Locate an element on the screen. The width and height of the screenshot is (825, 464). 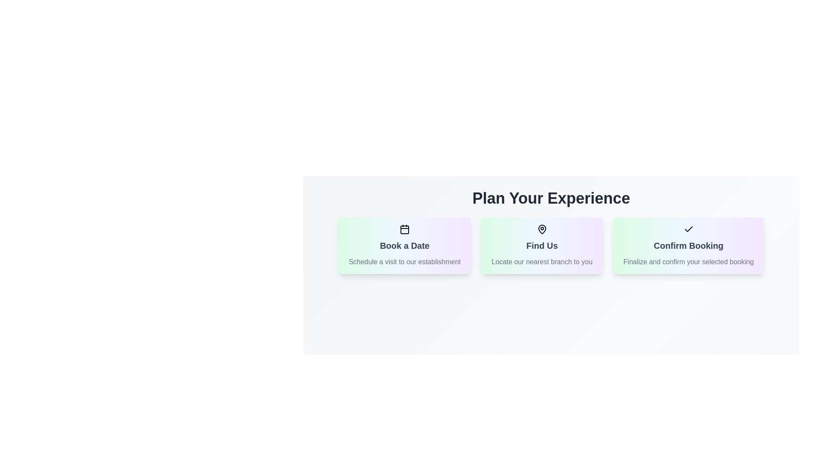
the button located in the center panel between the 'Book a Date' button and the 'Confirm Booking' button to initiate the process of locating the nearest branch is located at coordinates (541, 245).